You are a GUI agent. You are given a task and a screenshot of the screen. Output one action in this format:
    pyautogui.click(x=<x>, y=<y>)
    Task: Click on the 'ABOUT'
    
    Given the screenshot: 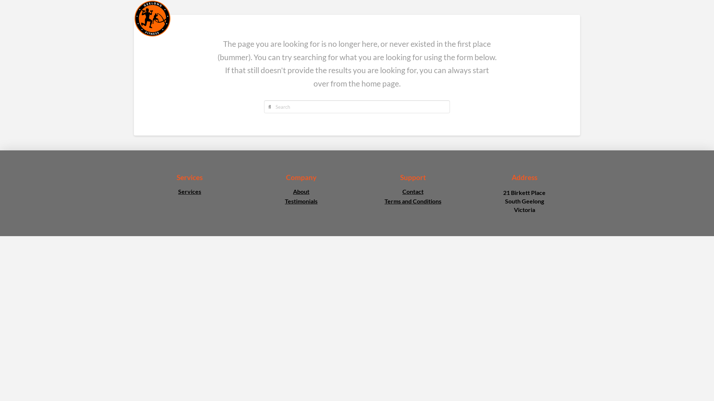 What is the action you would take?
    pyautogui.click(x=328, y=18)
    